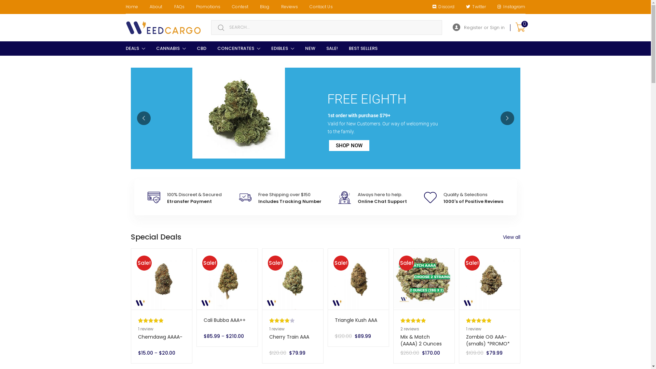  What do you see at coordinates (503, 237) in the screenshot?
I see `'View all'` at bounding box center [503, 237].